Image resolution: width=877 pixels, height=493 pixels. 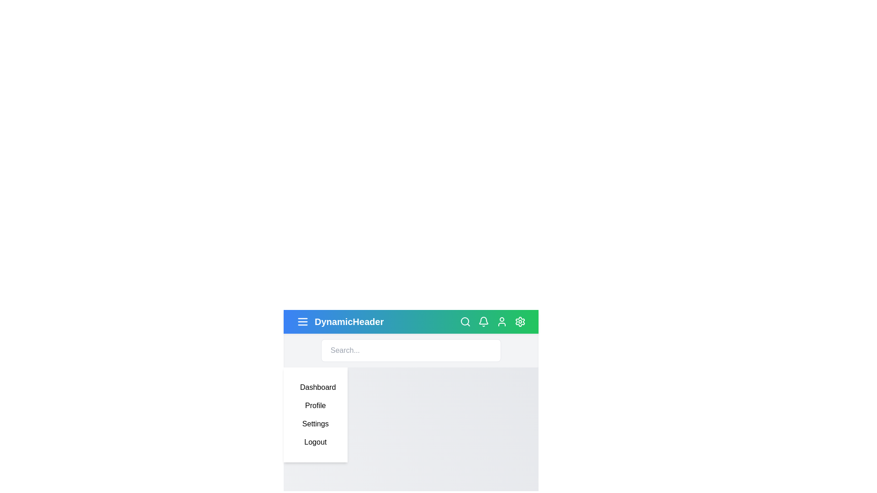 I want to click on the 'Settings' menu item in the dropdown menu, so click(x=315, y=424).